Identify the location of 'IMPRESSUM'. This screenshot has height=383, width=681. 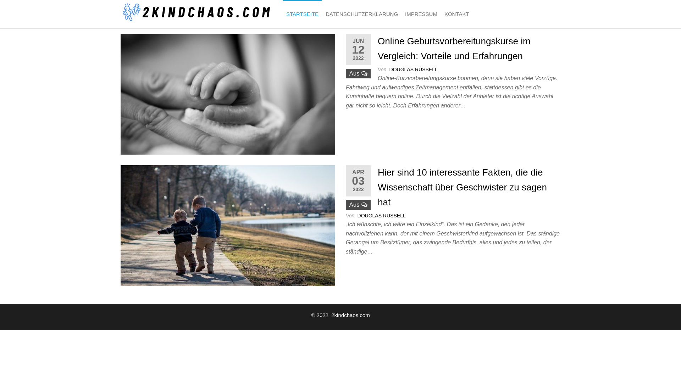
(421, 14).